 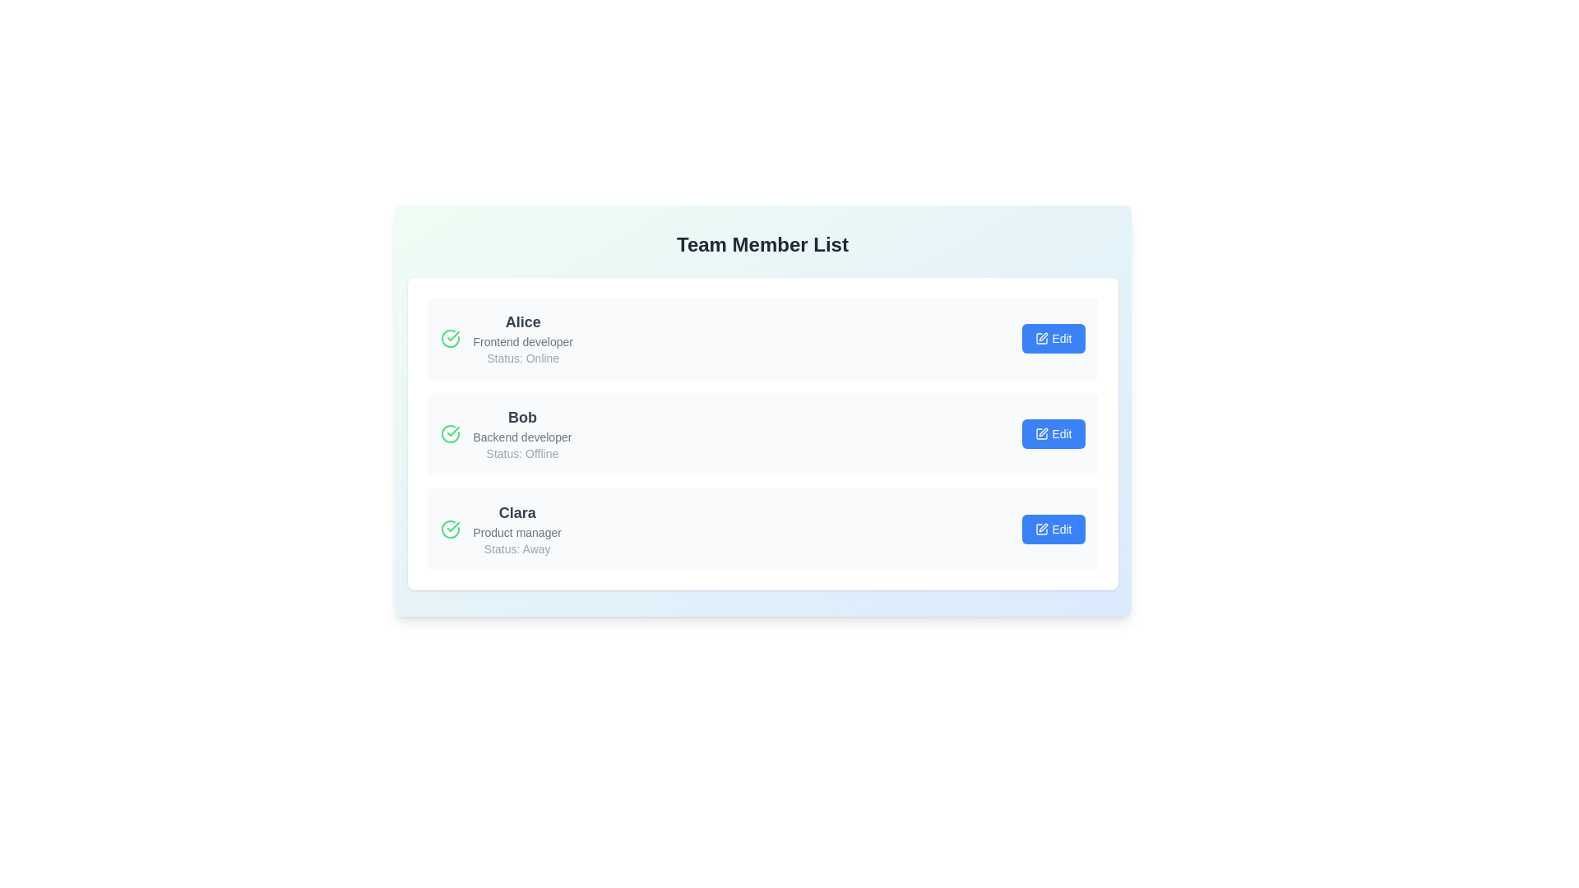 I want to click on 'Edit' button for the user Clara, so click(x=1053, y=530).